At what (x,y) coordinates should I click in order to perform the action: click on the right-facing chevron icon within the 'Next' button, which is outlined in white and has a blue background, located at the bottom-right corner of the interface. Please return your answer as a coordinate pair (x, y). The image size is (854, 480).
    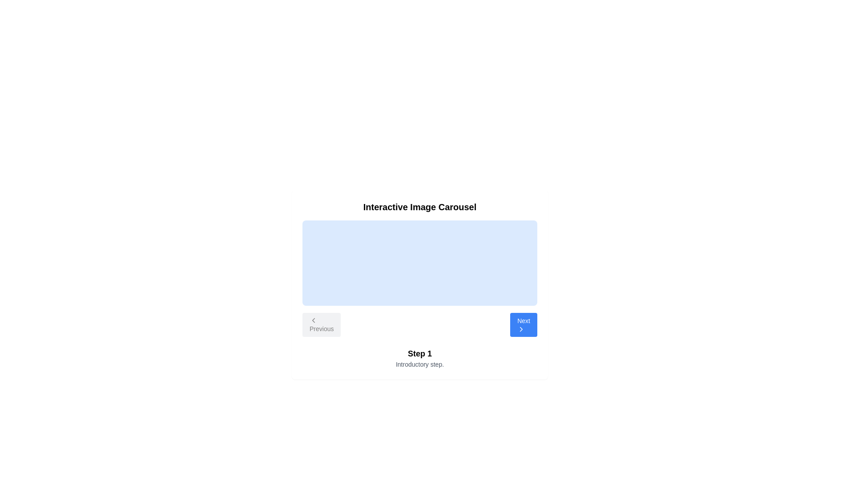
    Looking at the image, I should click on (521, 329).